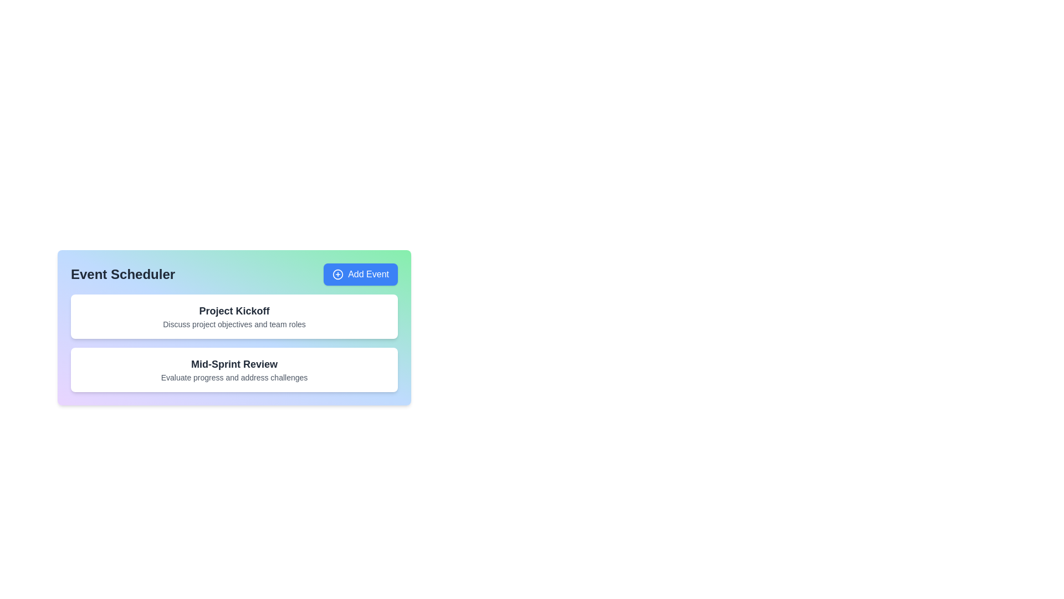  Describe the element at coordinates (233, 316) in the screenshot. I see `the 'Project Kickoff' card element` at that location.